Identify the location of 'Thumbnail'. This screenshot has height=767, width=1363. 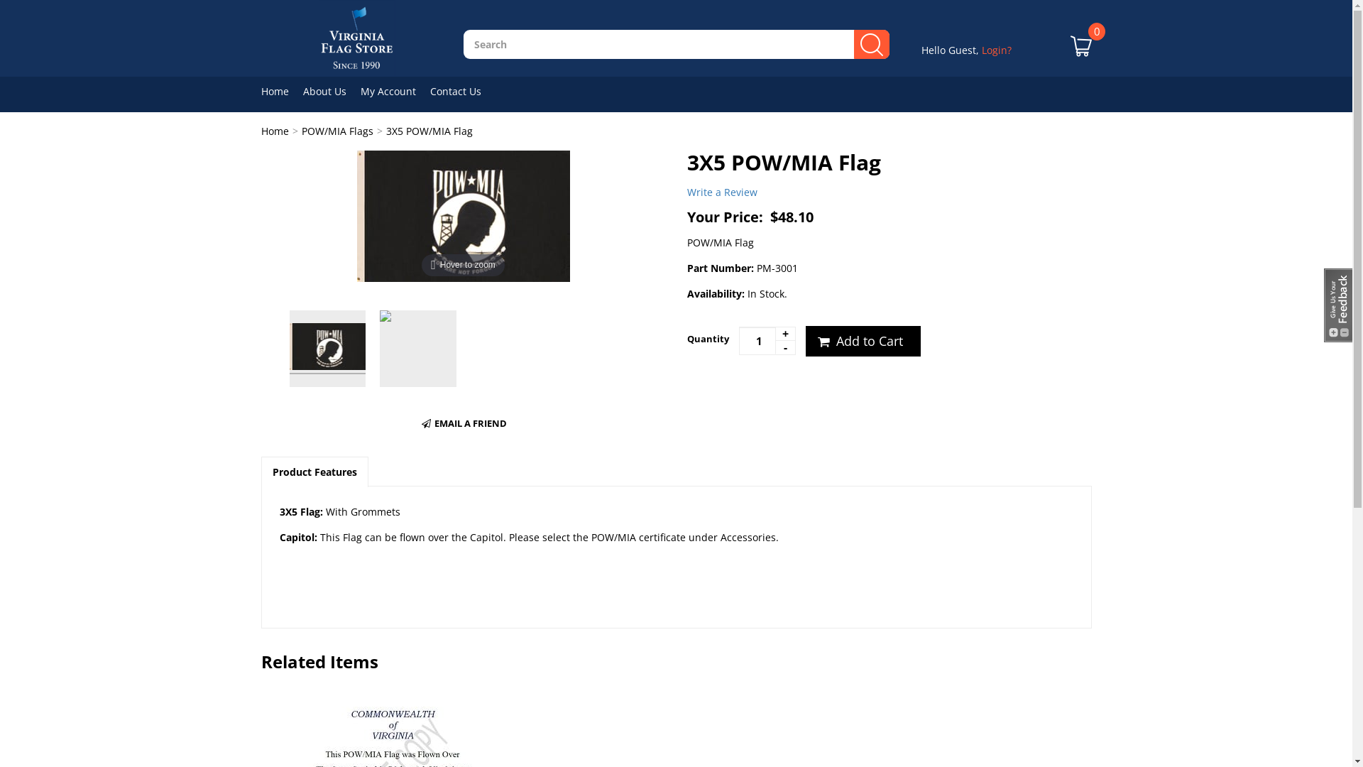
(417, 348).